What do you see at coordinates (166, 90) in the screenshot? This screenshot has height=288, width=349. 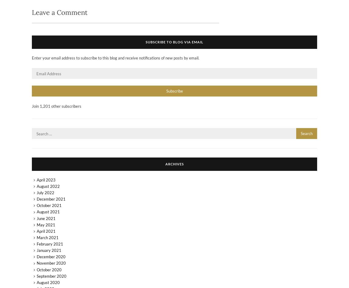 I see `'Subscribe'` at bounding box center [166, 90].